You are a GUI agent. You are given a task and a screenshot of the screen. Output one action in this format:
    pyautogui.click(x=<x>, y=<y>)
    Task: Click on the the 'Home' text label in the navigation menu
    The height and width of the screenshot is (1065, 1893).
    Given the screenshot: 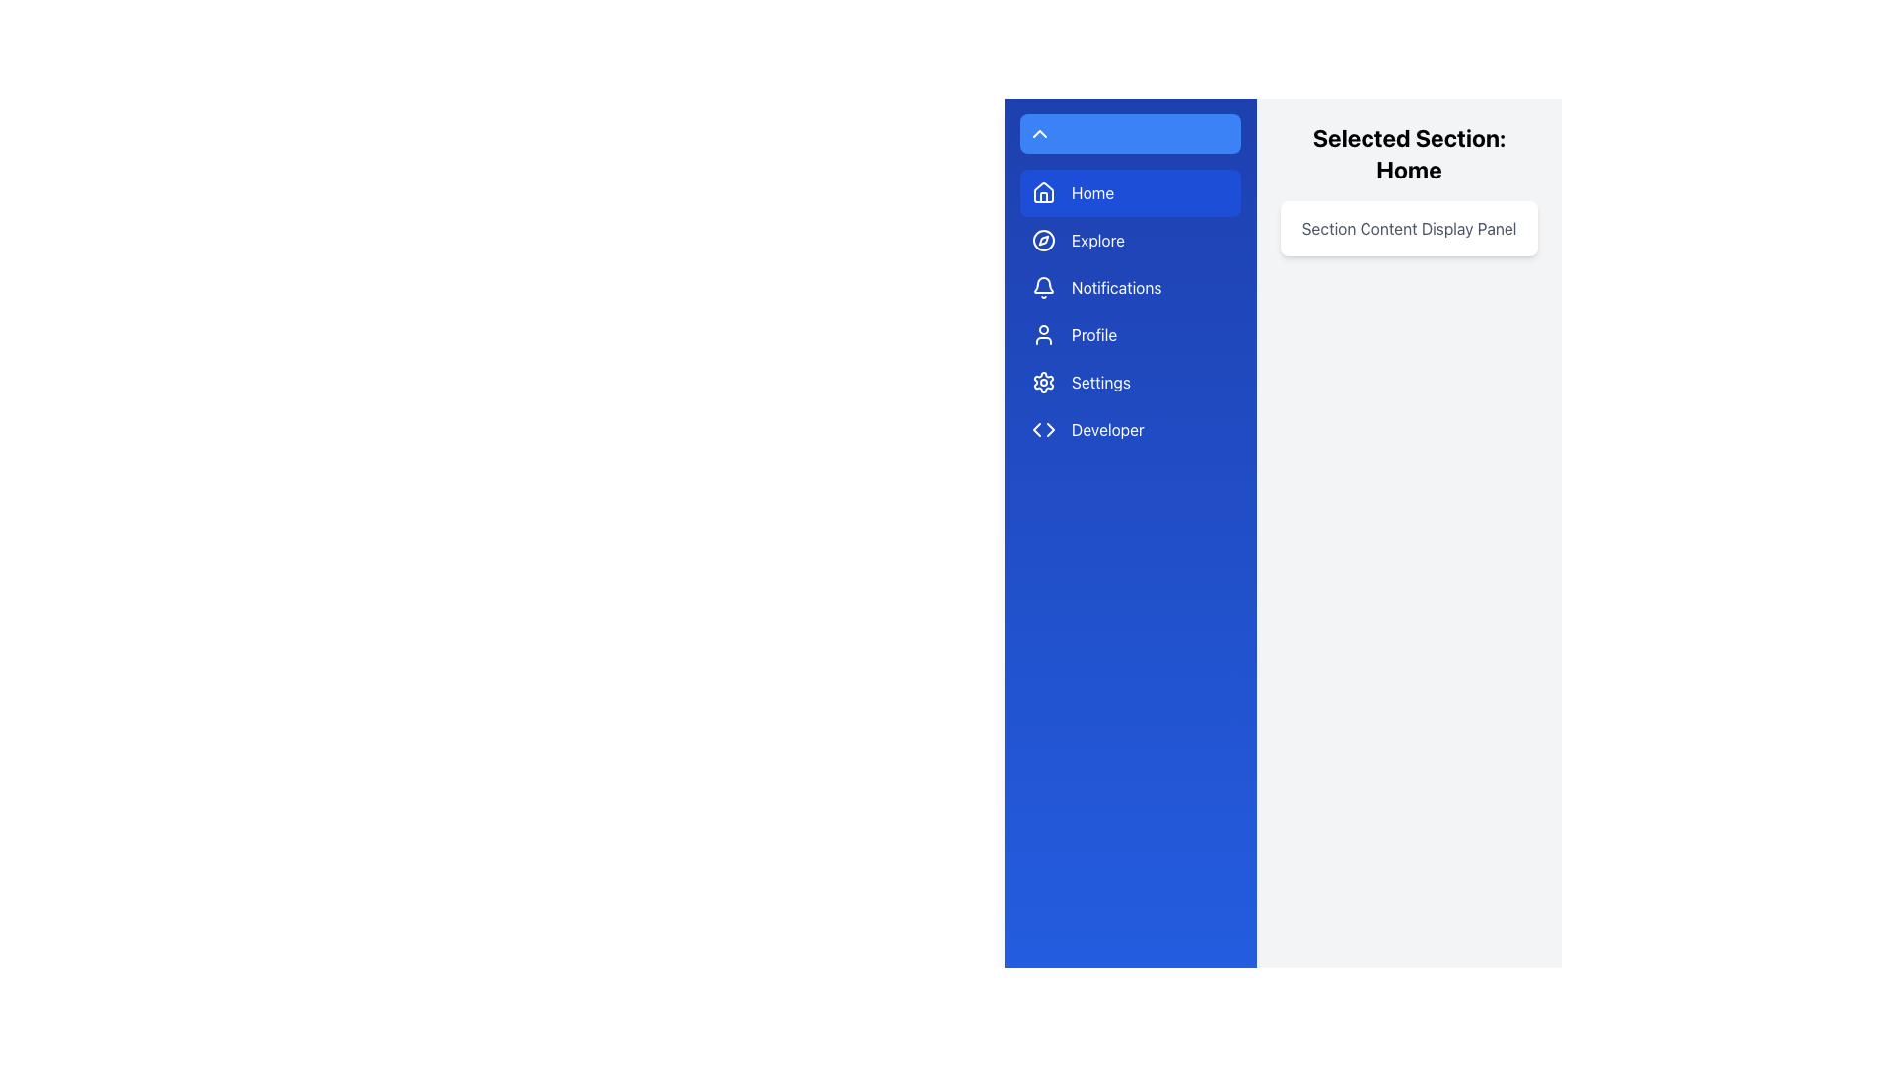 What is the action you would take?
    pyautogui.click(x=1091, y=193)
    